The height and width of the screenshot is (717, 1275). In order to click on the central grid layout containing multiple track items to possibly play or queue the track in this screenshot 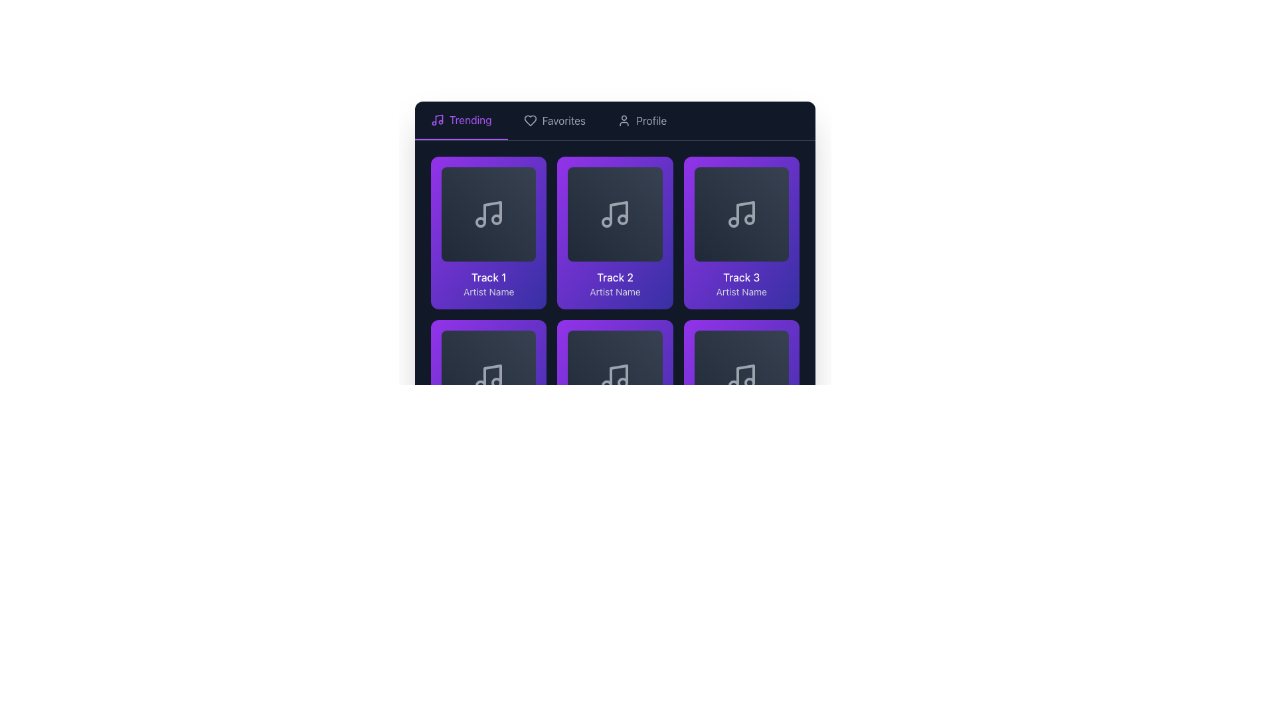, I will do `click(614, 315)`.